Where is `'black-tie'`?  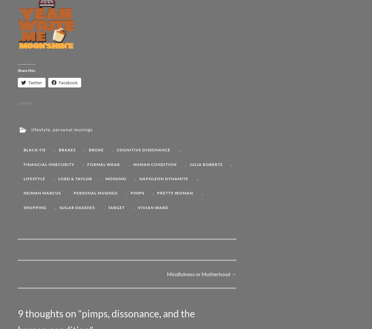
'black-tie' is located at coordinates (34, 149).